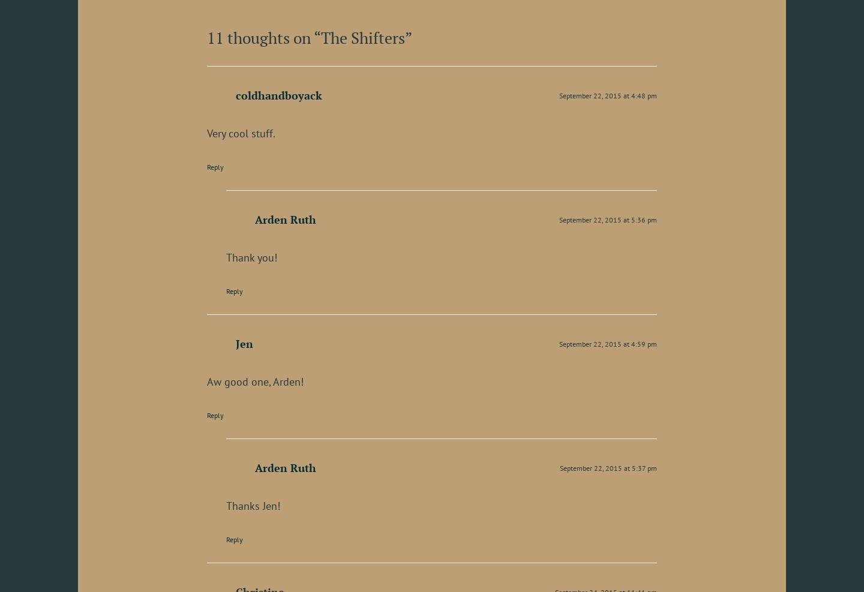  Describe the element at coordinates (278, 94) in the screenshot. I see `'coldhandboyack'` at that location.